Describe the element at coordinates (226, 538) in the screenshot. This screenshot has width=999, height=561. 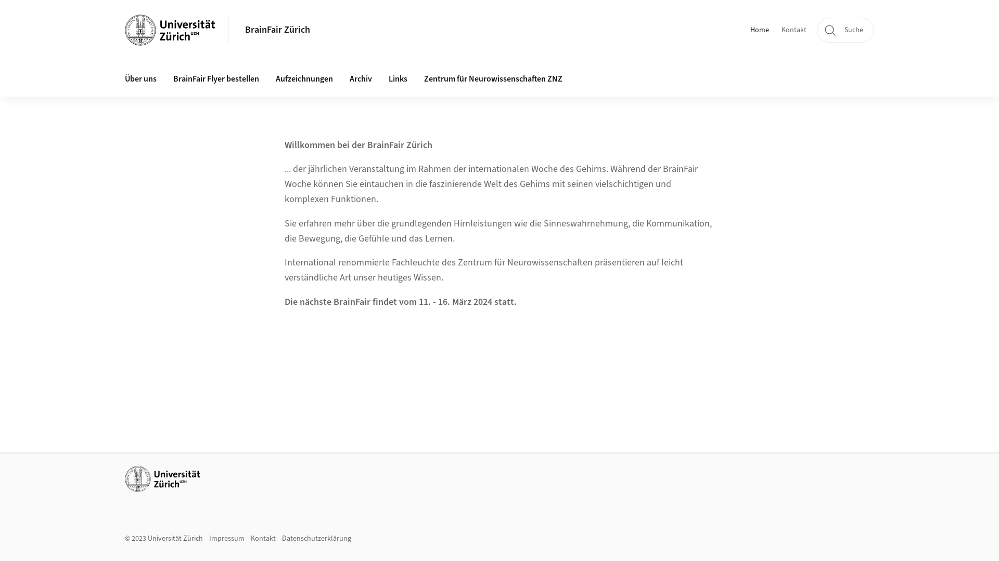
I see `'Impressum'` at that location.